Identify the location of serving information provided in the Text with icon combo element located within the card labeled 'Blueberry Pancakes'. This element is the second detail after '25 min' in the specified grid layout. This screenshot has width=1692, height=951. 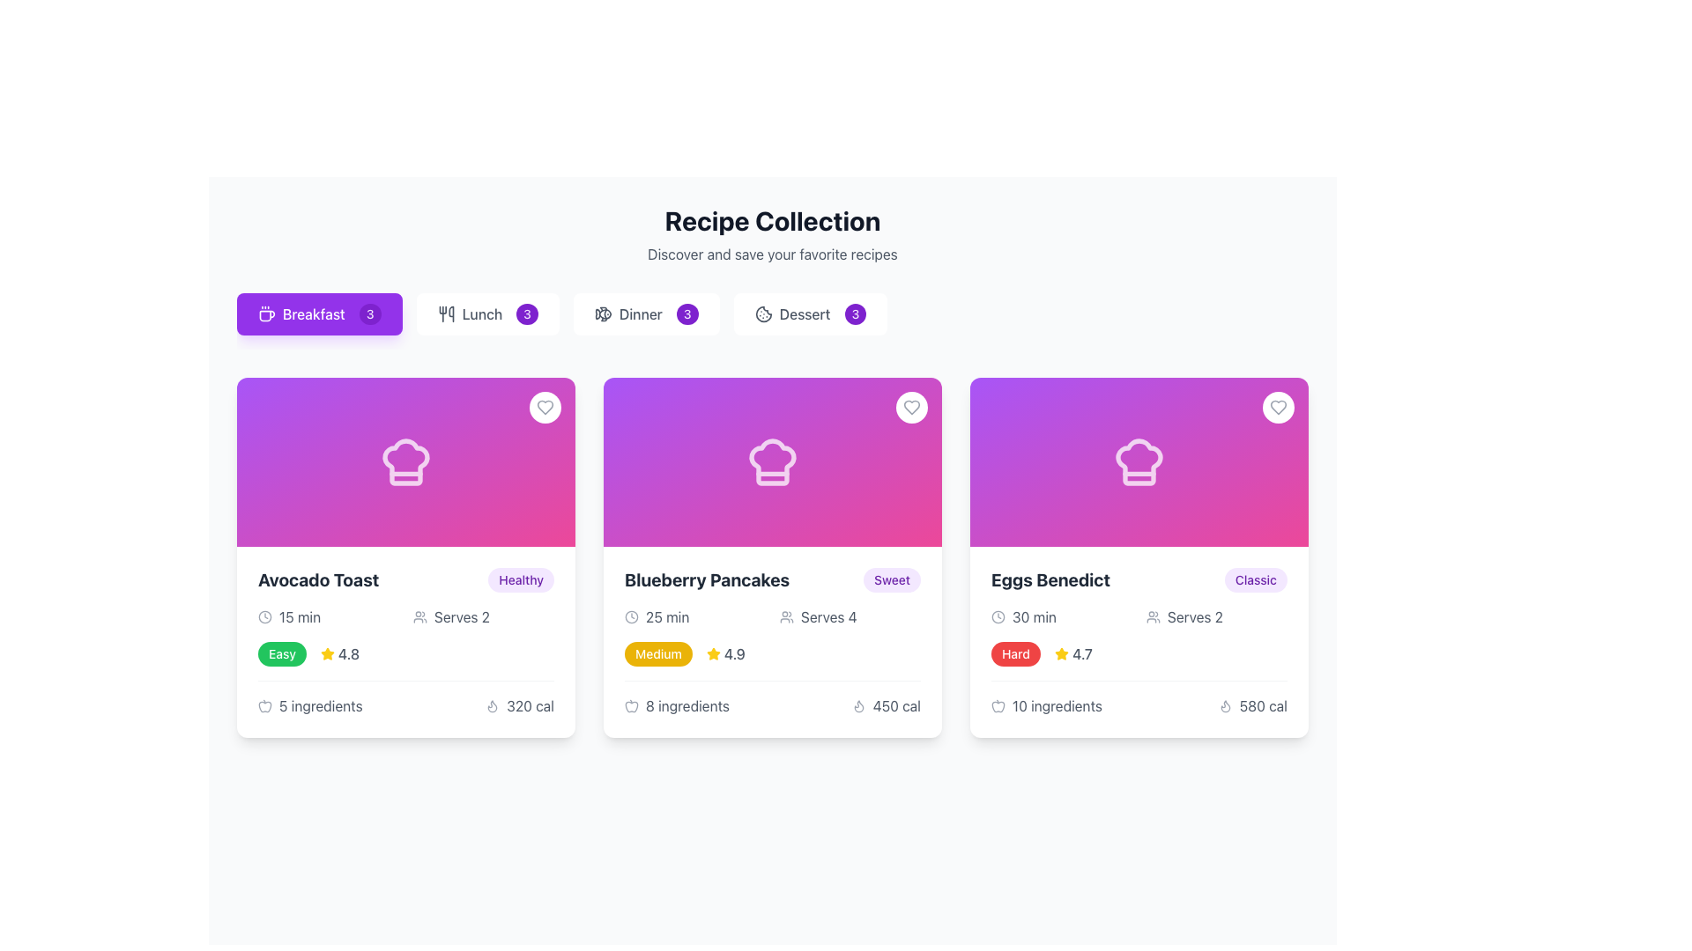
(850, 616).